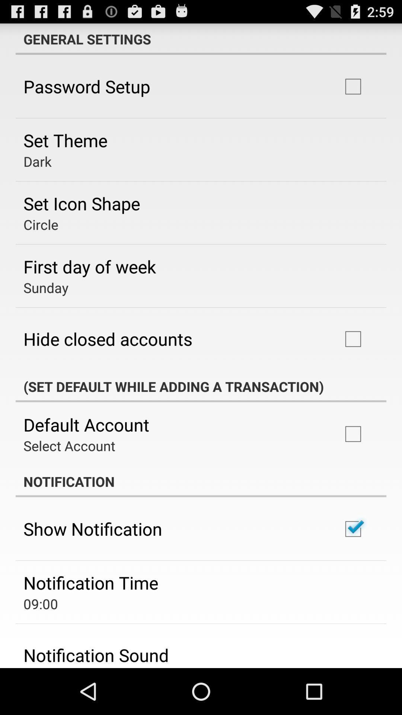 Image resolution: width=402 pixels, height=715 pixels. What do you see at coordinates (89, 266) in the screenshot?
I see `first day of` at bounding box center [89, 266].